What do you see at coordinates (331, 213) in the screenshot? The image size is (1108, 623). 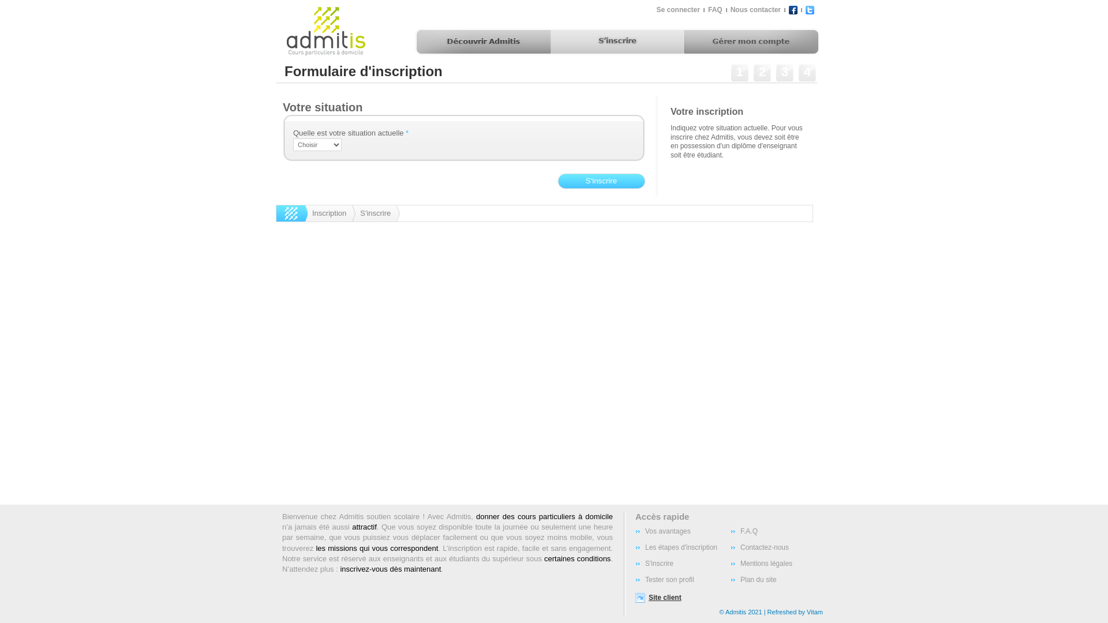 I see `'Inscription'` at bounding box center [331, 213].